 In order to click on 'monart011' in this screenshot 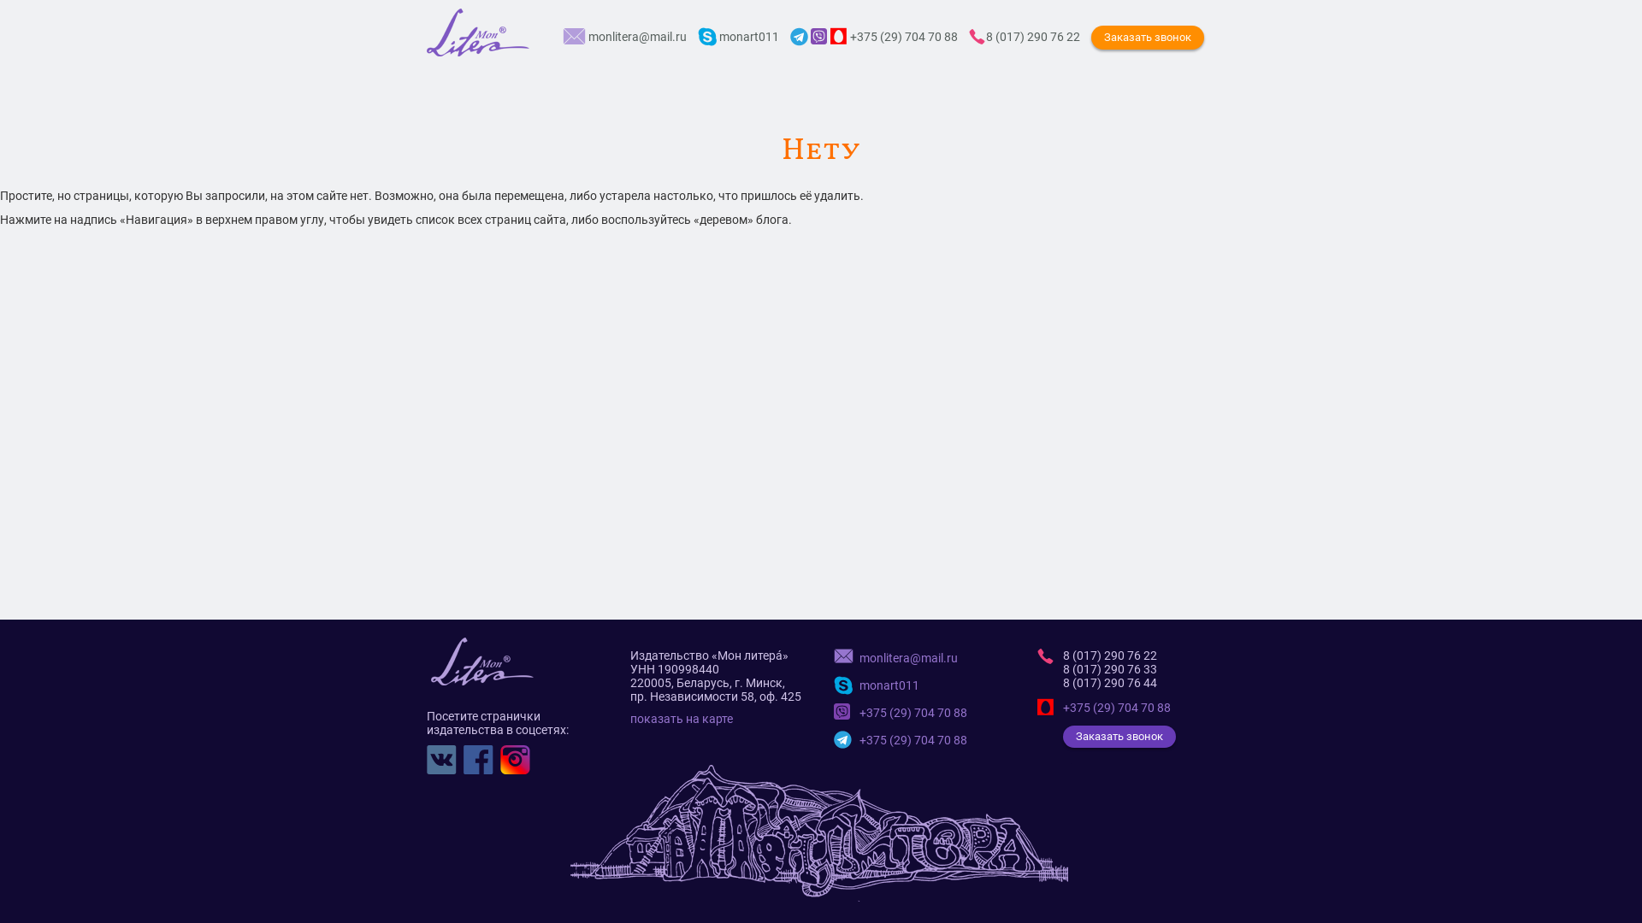, I will do `click(877, 685)`.